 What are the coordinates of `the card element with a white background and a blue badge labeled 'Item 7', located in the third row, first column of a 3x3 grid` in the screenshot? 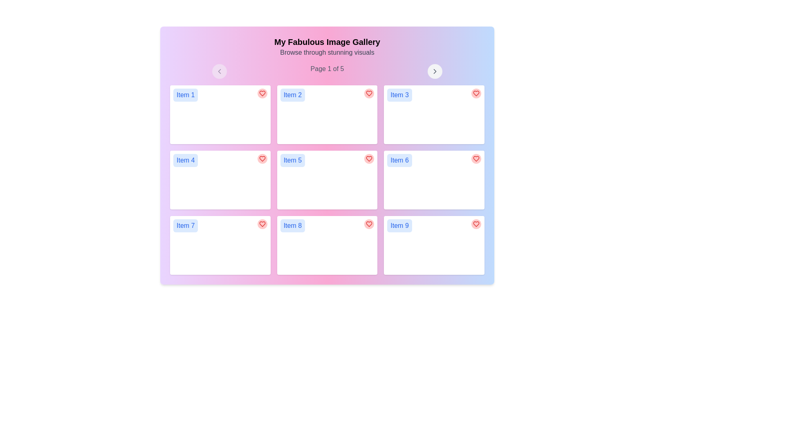 It's located at (220, 245).